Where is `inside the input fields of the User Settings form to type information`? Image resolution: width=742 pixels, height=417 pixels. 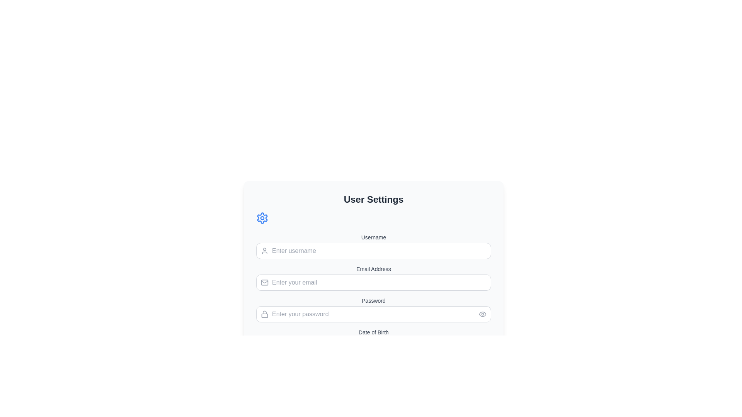
inside the input fields of the User Settings form to type information is located at coordinates (373, 305).